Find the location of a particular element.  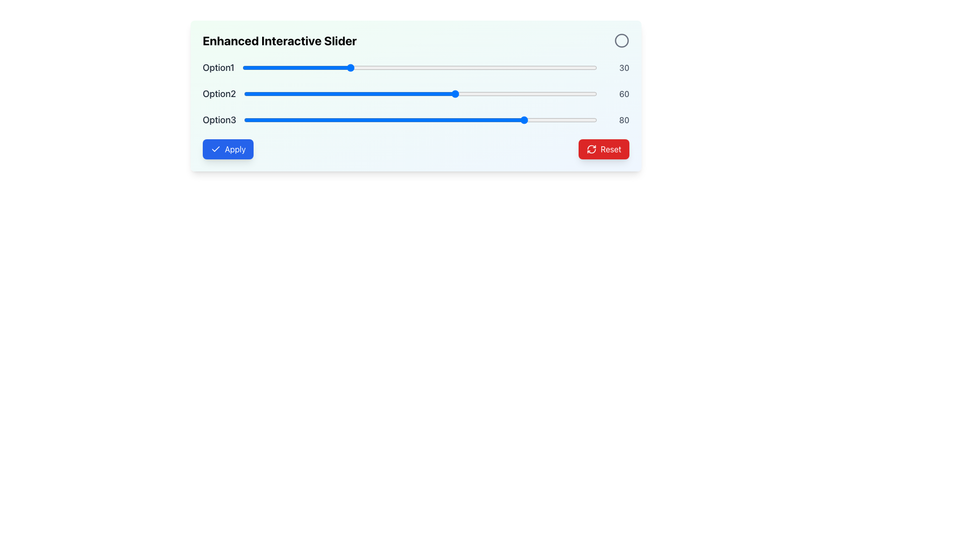

the value of the slider is located at coordinates (561, 68).